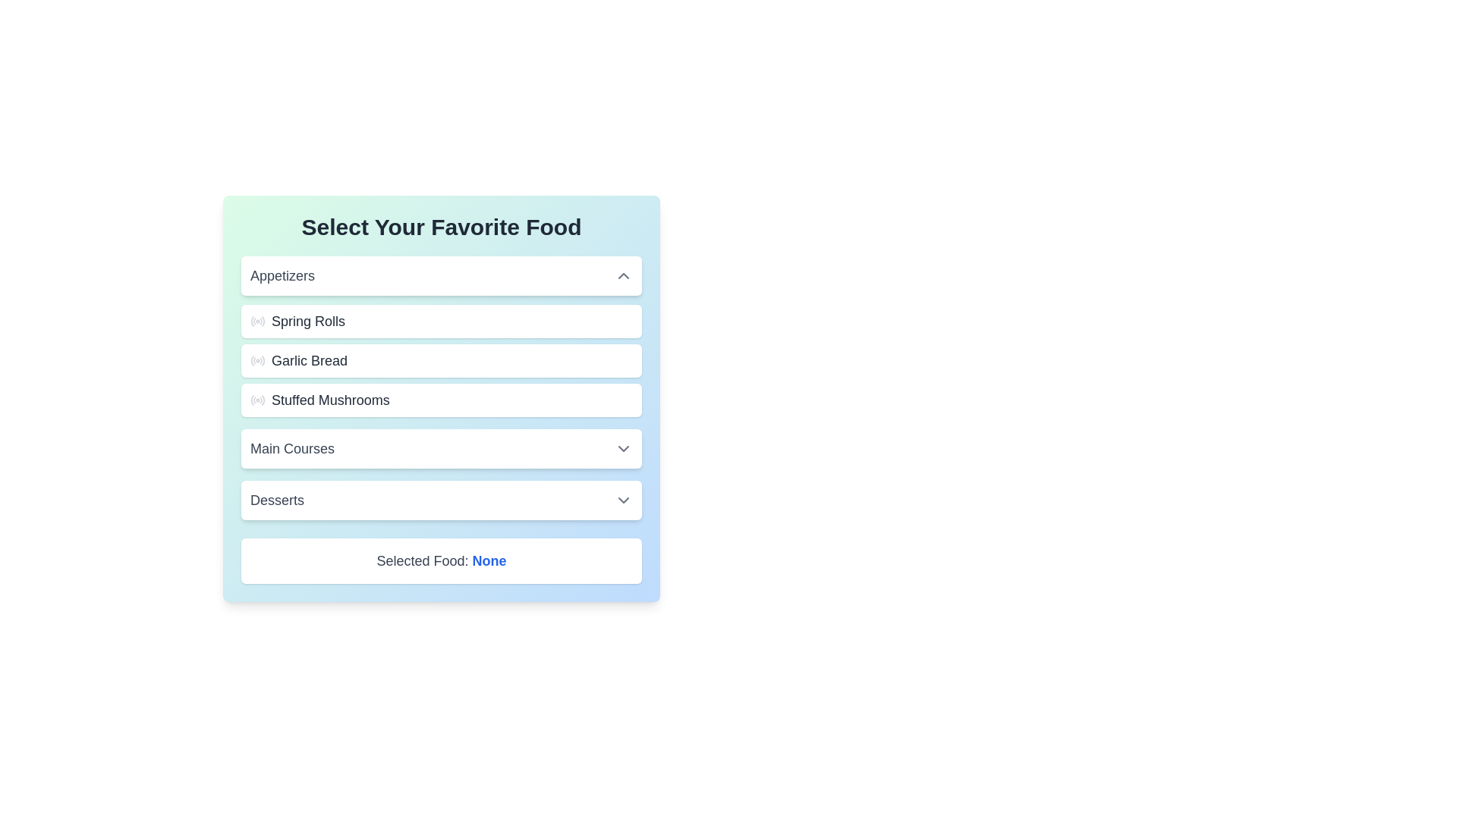 The image size is (1457, 819). Describe the element at coordinates (440, 335) in the screenshot. I see `the 'Appetizers' item section` at that location.